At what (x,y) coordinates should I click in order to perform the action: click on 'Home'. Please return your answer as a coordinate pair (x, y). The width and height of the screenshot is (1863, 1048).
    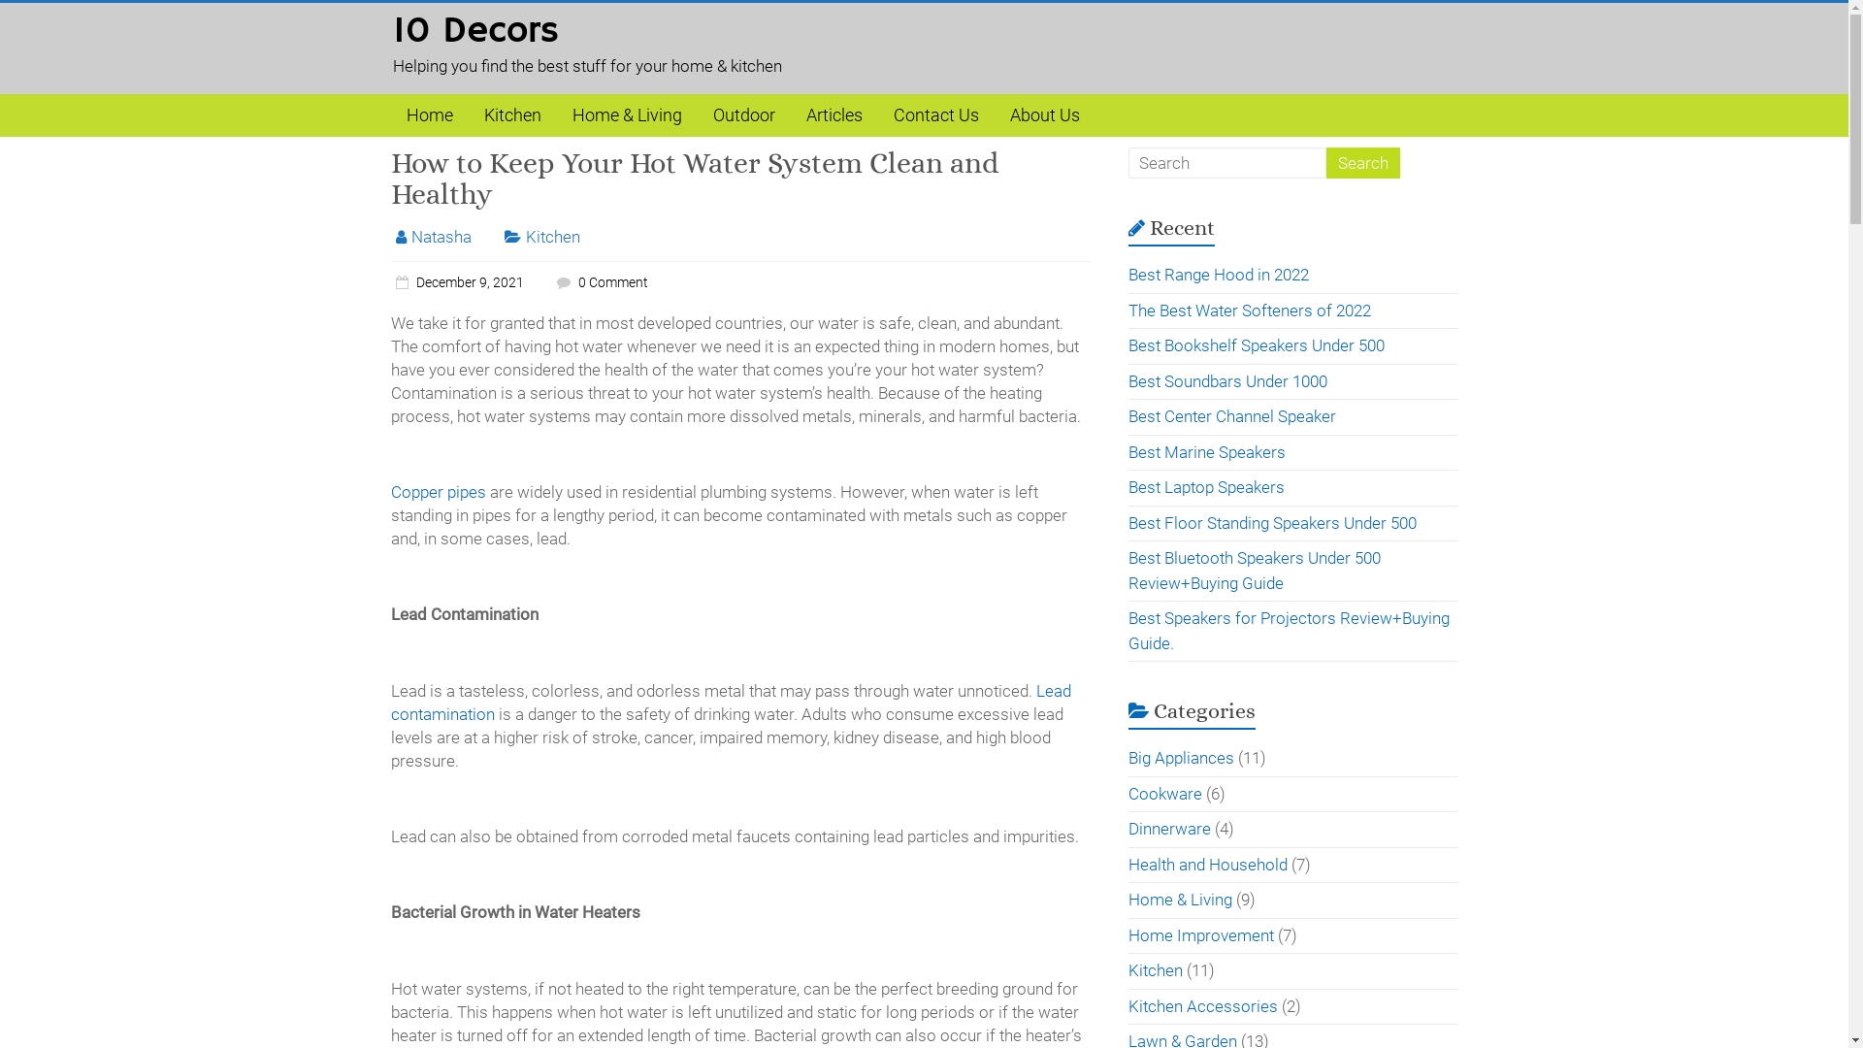
    Looking at the image, I should click on (427, 115).